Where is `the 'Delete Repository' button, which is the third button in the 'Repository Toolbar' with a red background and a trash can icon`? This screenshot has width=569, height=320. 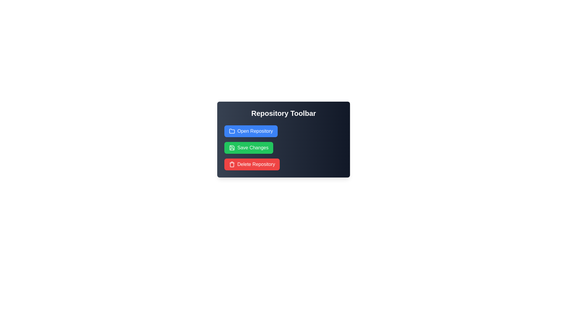 the 'Delete Repository' button, which is the third button in the 'Repository Toolbar' with a red background and a trash can icon is located at coordinates (252, 164).